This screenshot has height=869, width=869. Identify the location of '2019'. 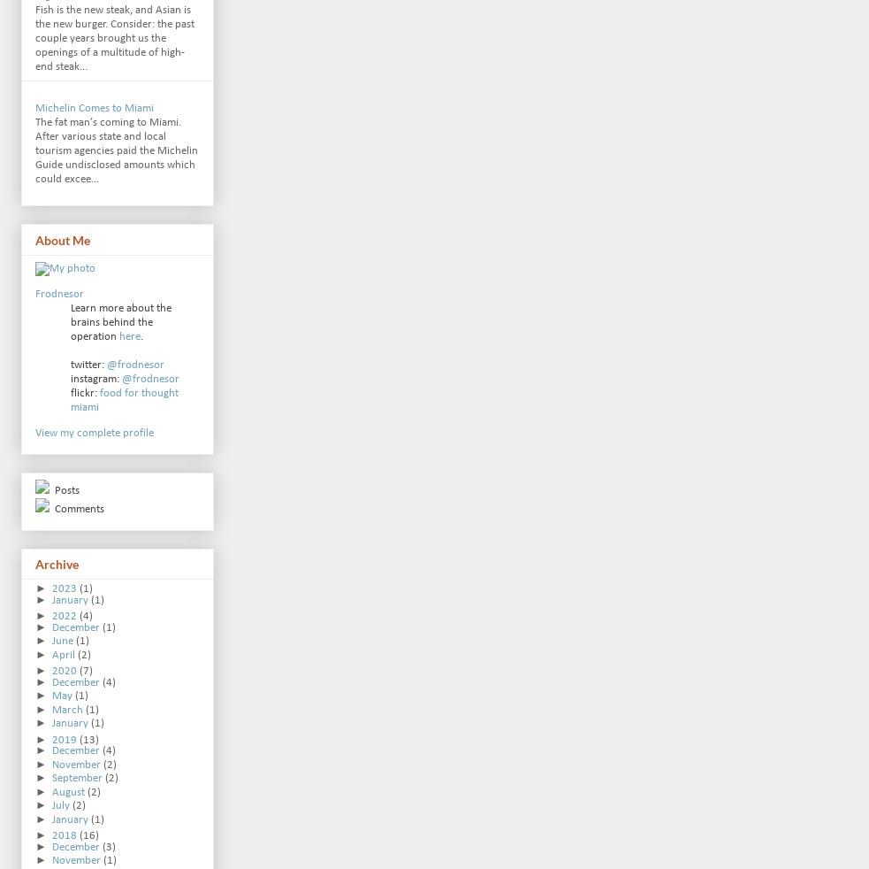
(64, 739).